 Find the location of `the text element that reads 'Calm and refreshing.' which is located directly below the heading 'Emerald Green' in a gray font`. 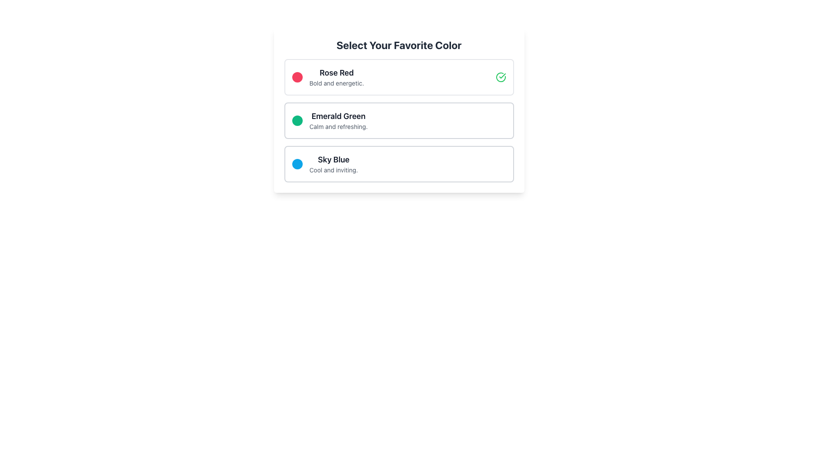

the text element that reads 'Calm and refreshing.' which is located directly below the heading 'Emerald Green' in a gray font is located at coordinates (338, 127).